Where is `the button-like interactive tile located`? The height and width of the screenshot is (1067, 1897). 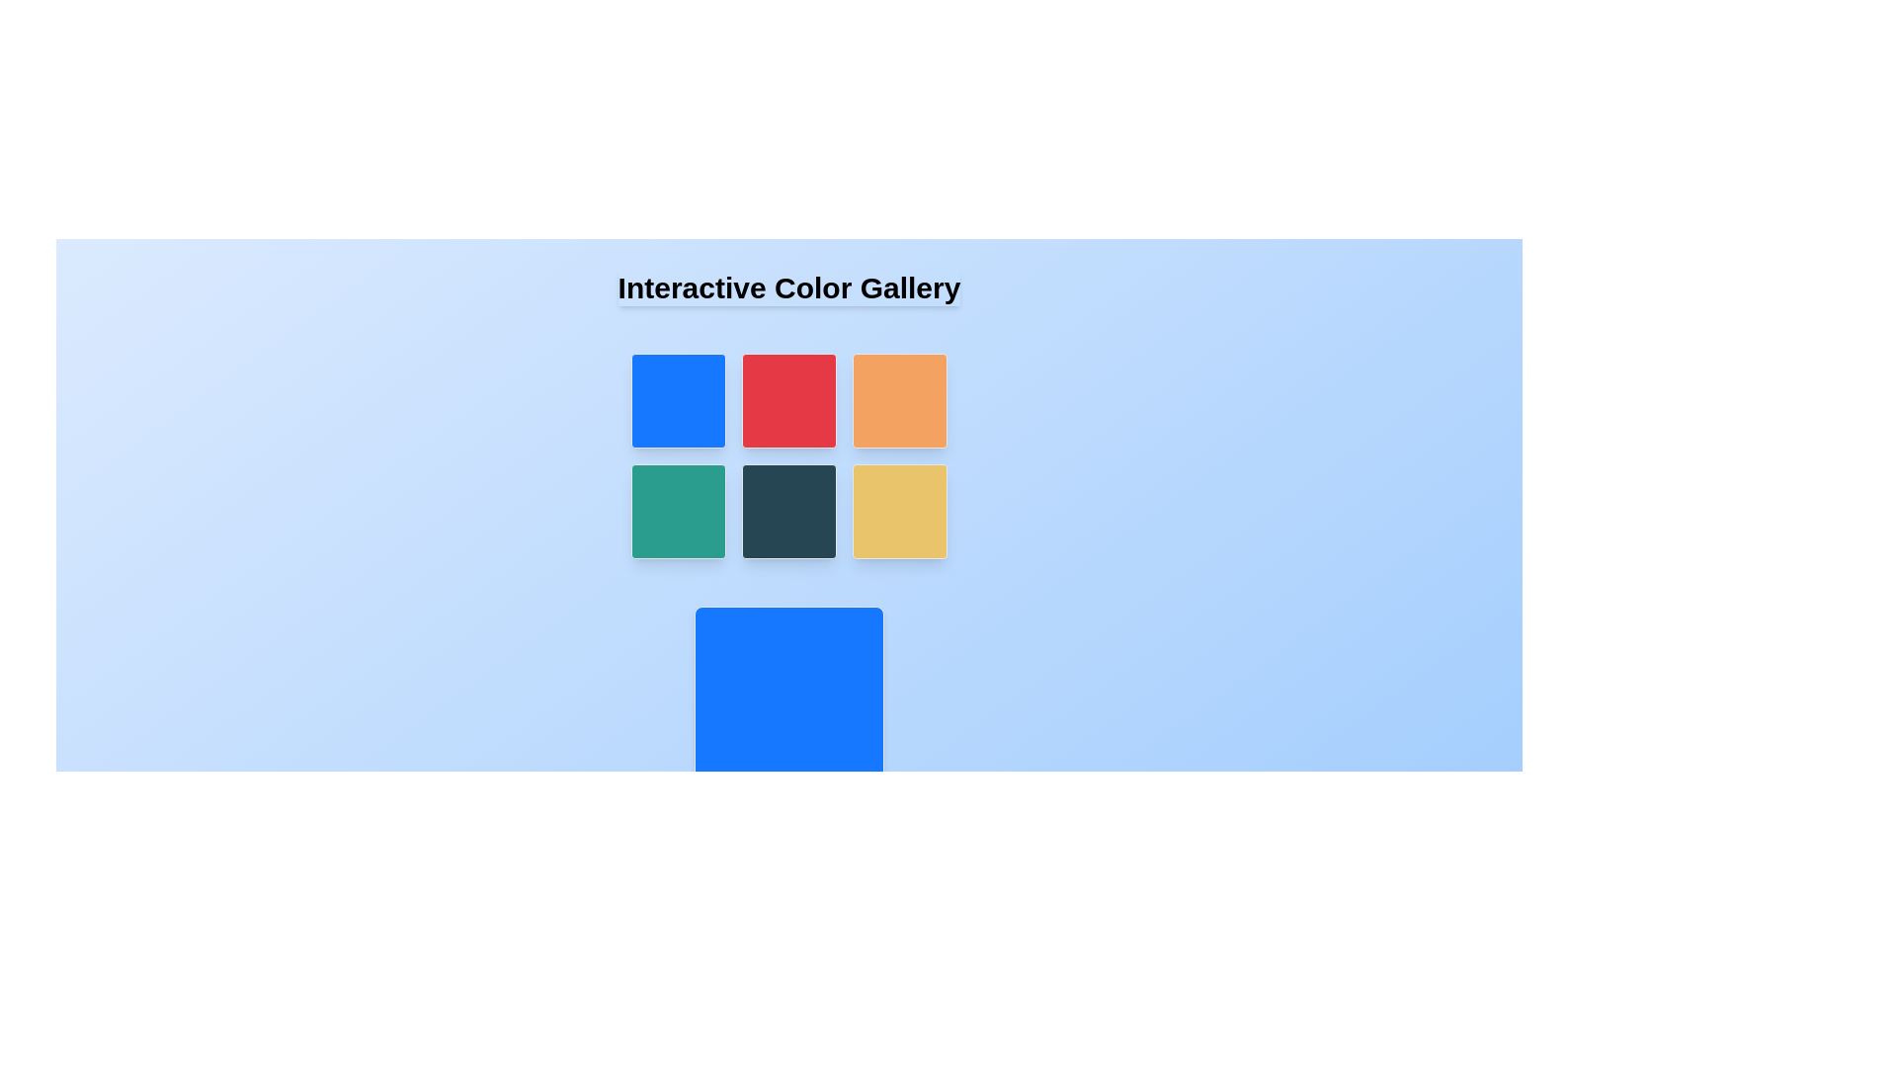
the button-like interactive tile located is located at coordinates (787, 400).